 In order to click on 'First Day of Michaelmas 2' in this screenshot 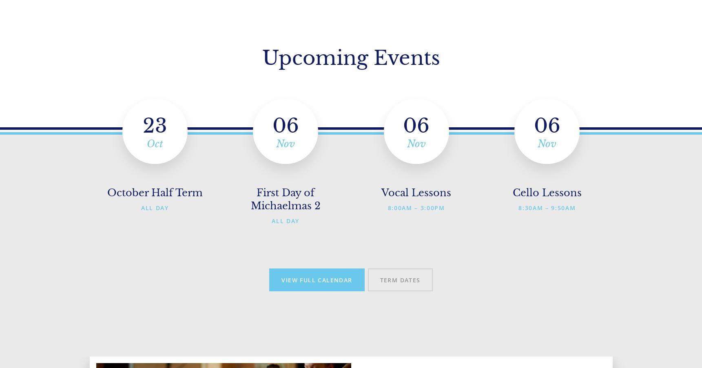, I will do `click(285, 199)`.